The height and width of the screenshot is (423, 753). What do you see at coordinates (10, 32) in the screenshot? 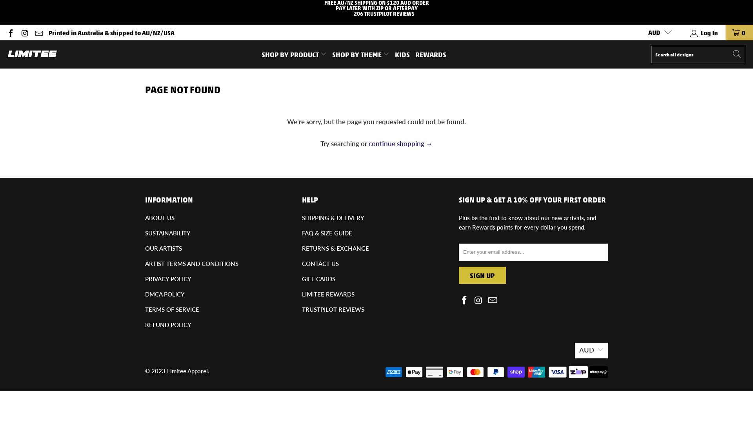
I see `'Limitee Apparel on Facebook'` at bounding box center [10, 32].